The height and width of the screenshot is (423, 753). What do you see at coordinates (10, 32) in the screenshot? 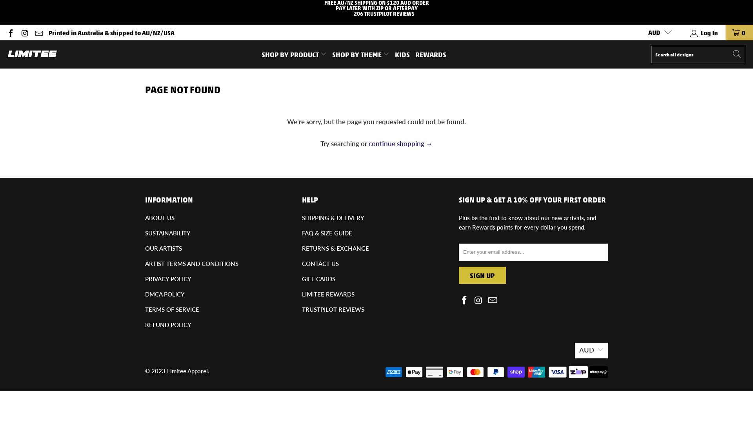
I see `'Limitee Apparel on Facebook'` at bounding box center [10, 32].